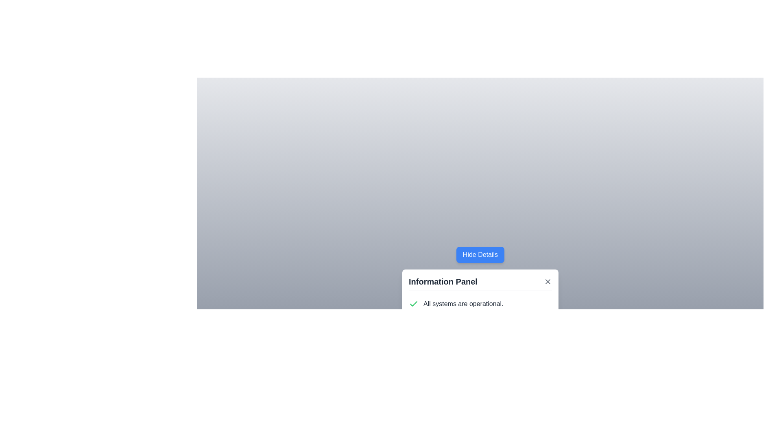  Describe the element at coordinates (480, 304) in the screenshot. I see `the Status message element containing a green checkmark icon and the text 'All systems are operational.' located in the Information Panel of the white bordered card modal` at that location.